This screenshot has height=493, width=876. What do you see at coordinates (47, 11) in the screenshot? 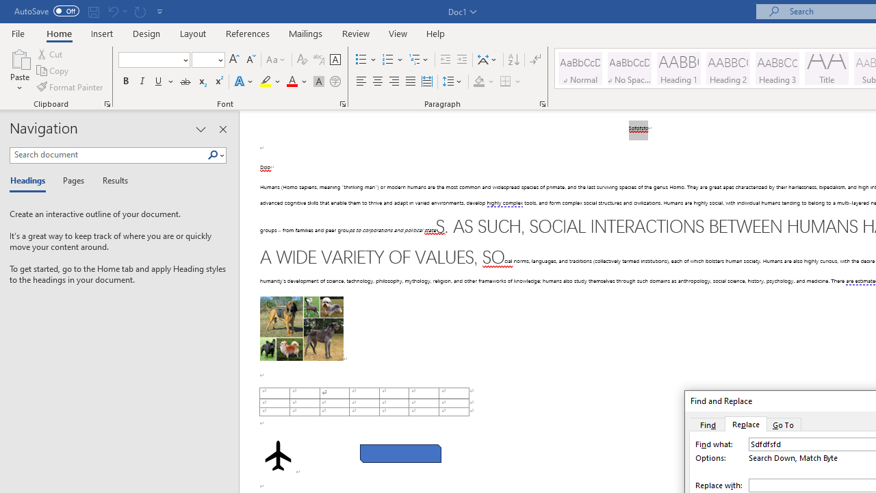
I see `'AutoSave'` at bounding box center [47, 11].